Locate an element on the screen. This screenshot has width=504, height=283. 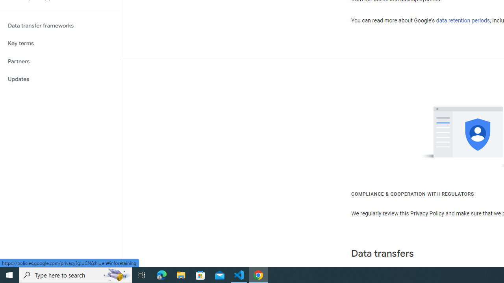
'Data transfer frameworks' is located at coordinates (59, 25).